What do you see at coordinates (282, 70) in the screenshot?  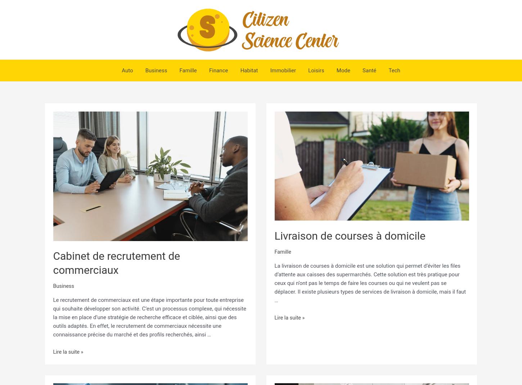 I see `'Immobilier'` at bounding box center [282, 70].